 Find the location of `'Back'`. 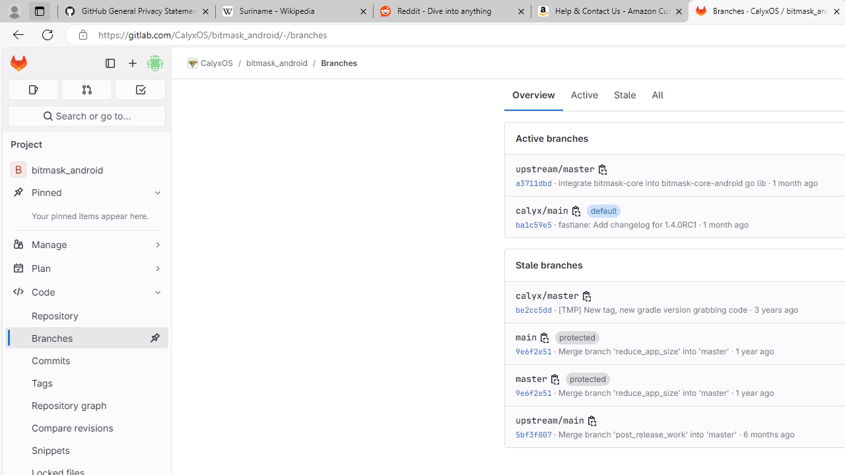

'Back' is located at coordinates (16, 34).